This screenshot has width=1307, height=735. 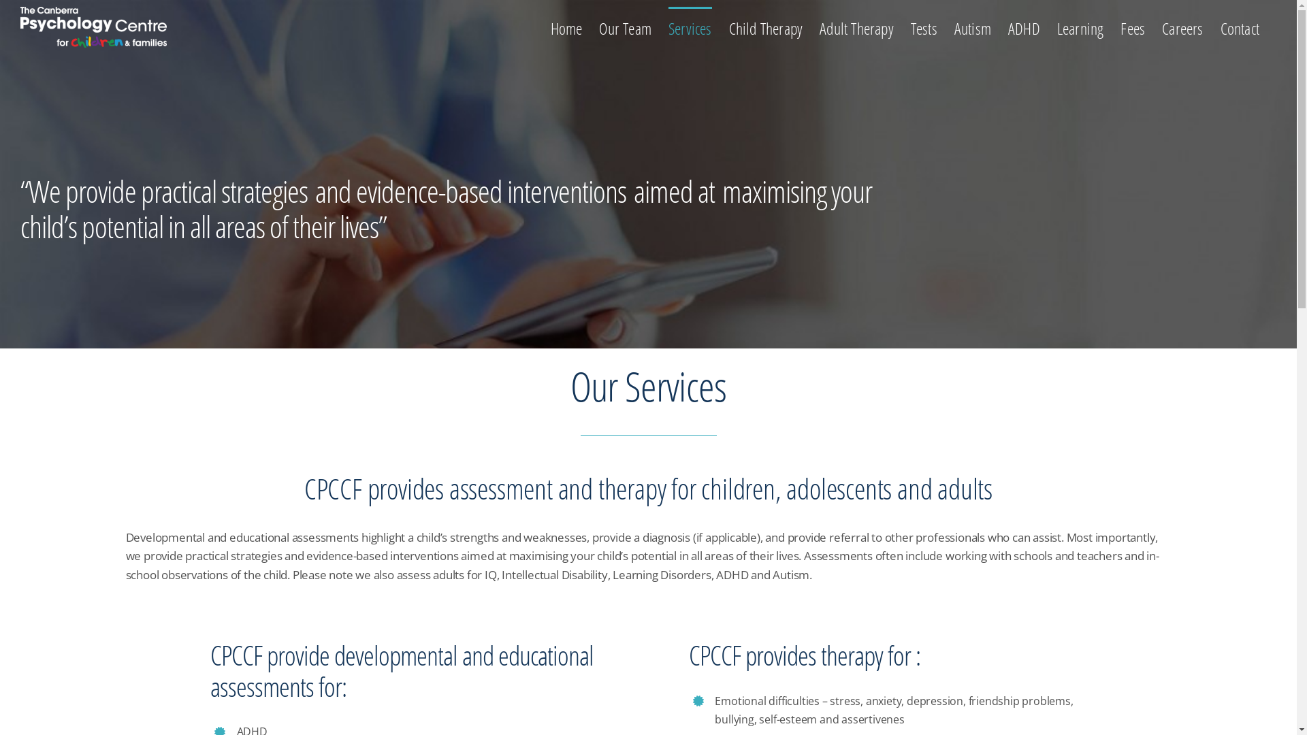 I want to click on 'Home', so click(x=566, y=27).